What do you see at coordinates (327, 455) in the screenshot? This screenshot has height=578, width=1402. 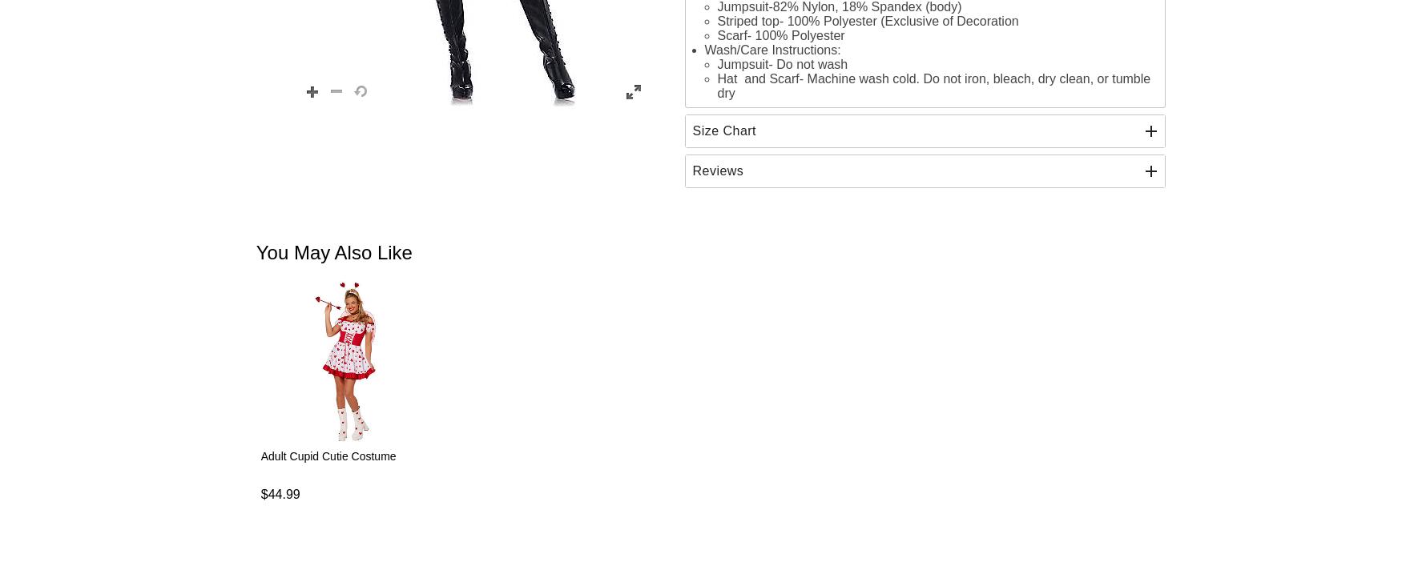 I see `'Adult Cupid Cutie Costume'` at bounding box center [327, 455].